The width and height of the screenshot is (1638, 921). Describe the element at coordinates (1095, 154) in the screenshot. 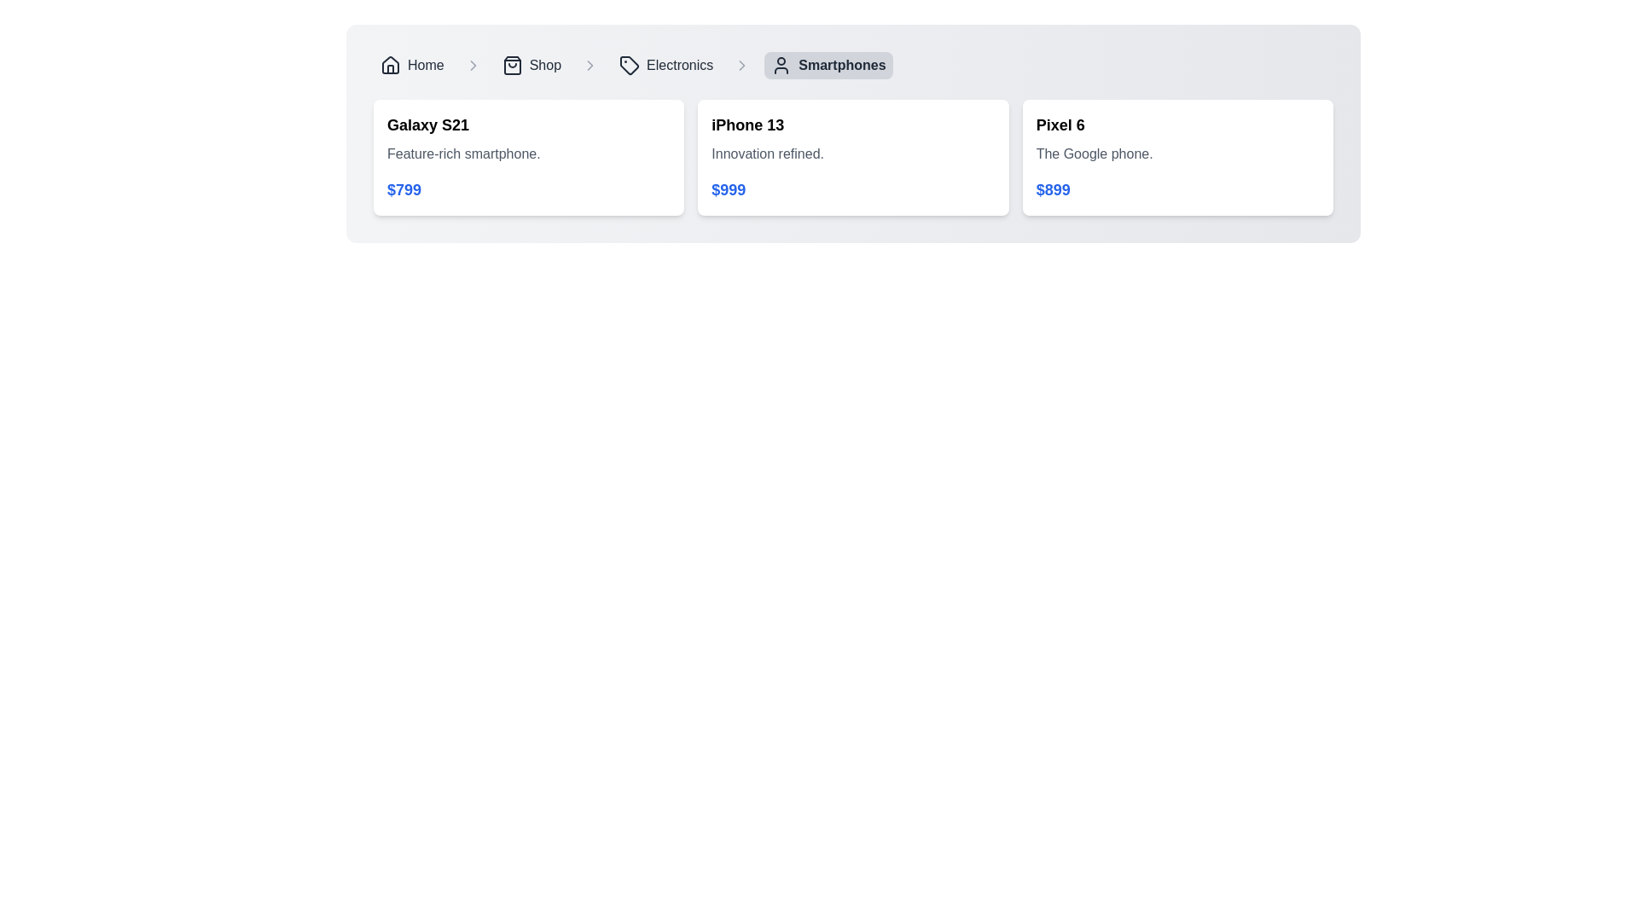

I see `the text label that reads 'The Google phone.' which is styled in gray and positioned below the title 'Pixel 6.'` at that location.